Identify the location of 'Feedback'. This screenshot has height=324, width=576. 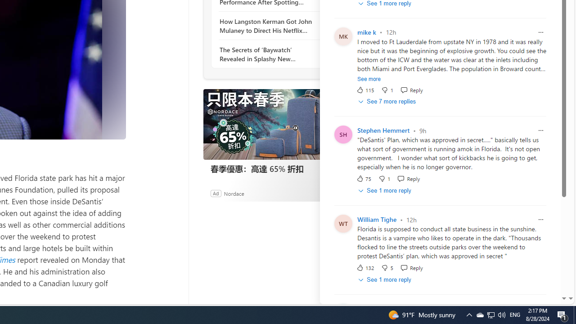
(533, 297).